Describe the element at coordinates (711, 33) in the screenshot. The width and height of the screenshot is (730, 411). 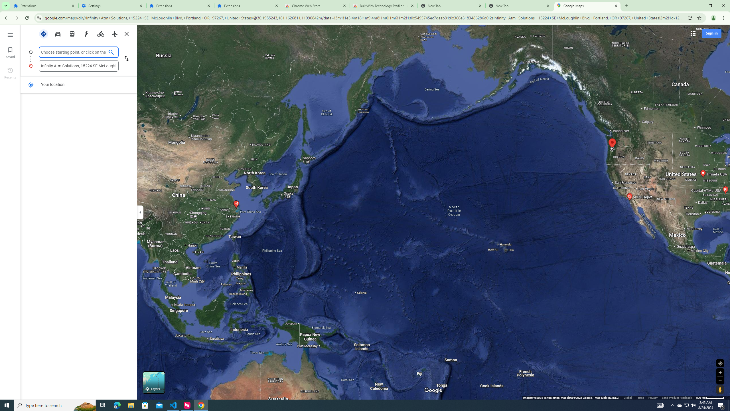
I see `'Sign in'` at that location.